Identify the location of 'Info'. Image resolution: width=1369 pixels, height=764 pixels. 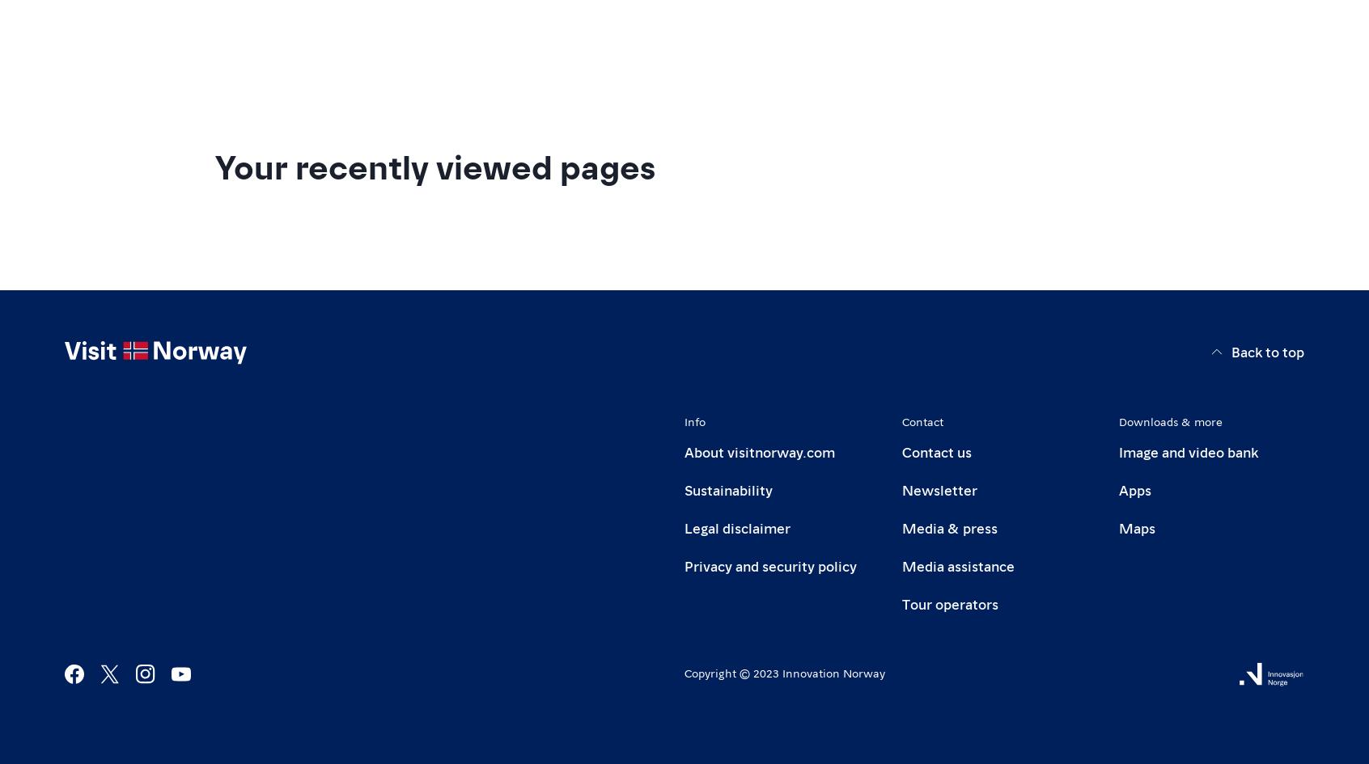
(694, 420).